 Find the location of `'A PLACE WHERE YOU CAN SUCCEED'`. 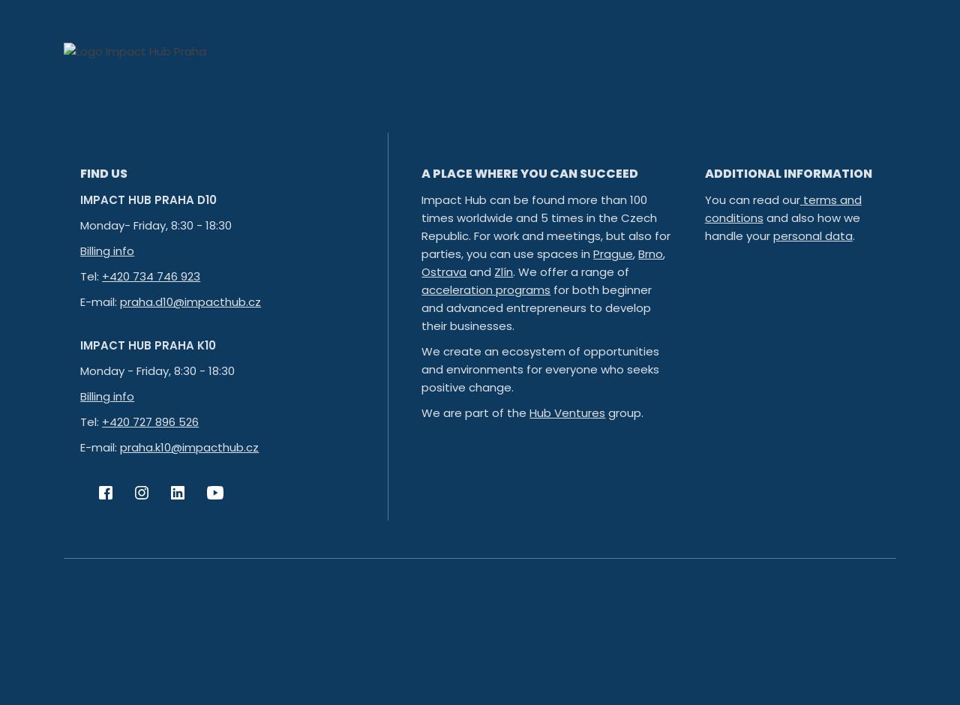

'A PLACE WHERE YOU CAN SUCCEED' is located at coordinates (421, 172).